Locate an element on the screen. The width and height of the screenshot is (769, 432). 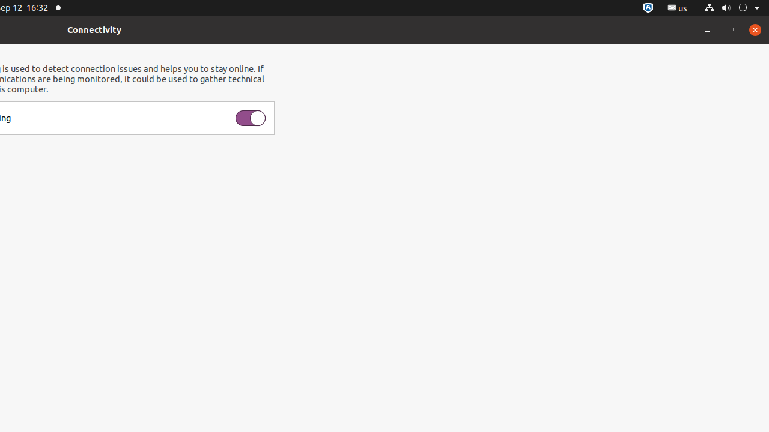
'Connectivity' is located at coordinates (94, 29).